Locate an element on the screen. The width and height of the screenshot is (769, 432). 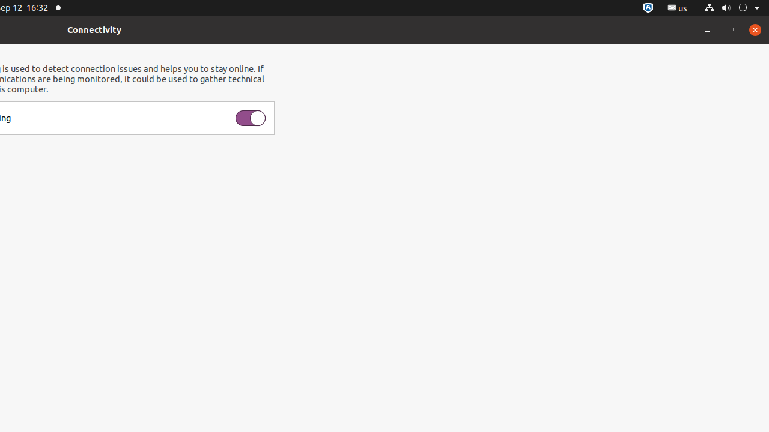
'Connectivity' is located at coordinates (94, 29).